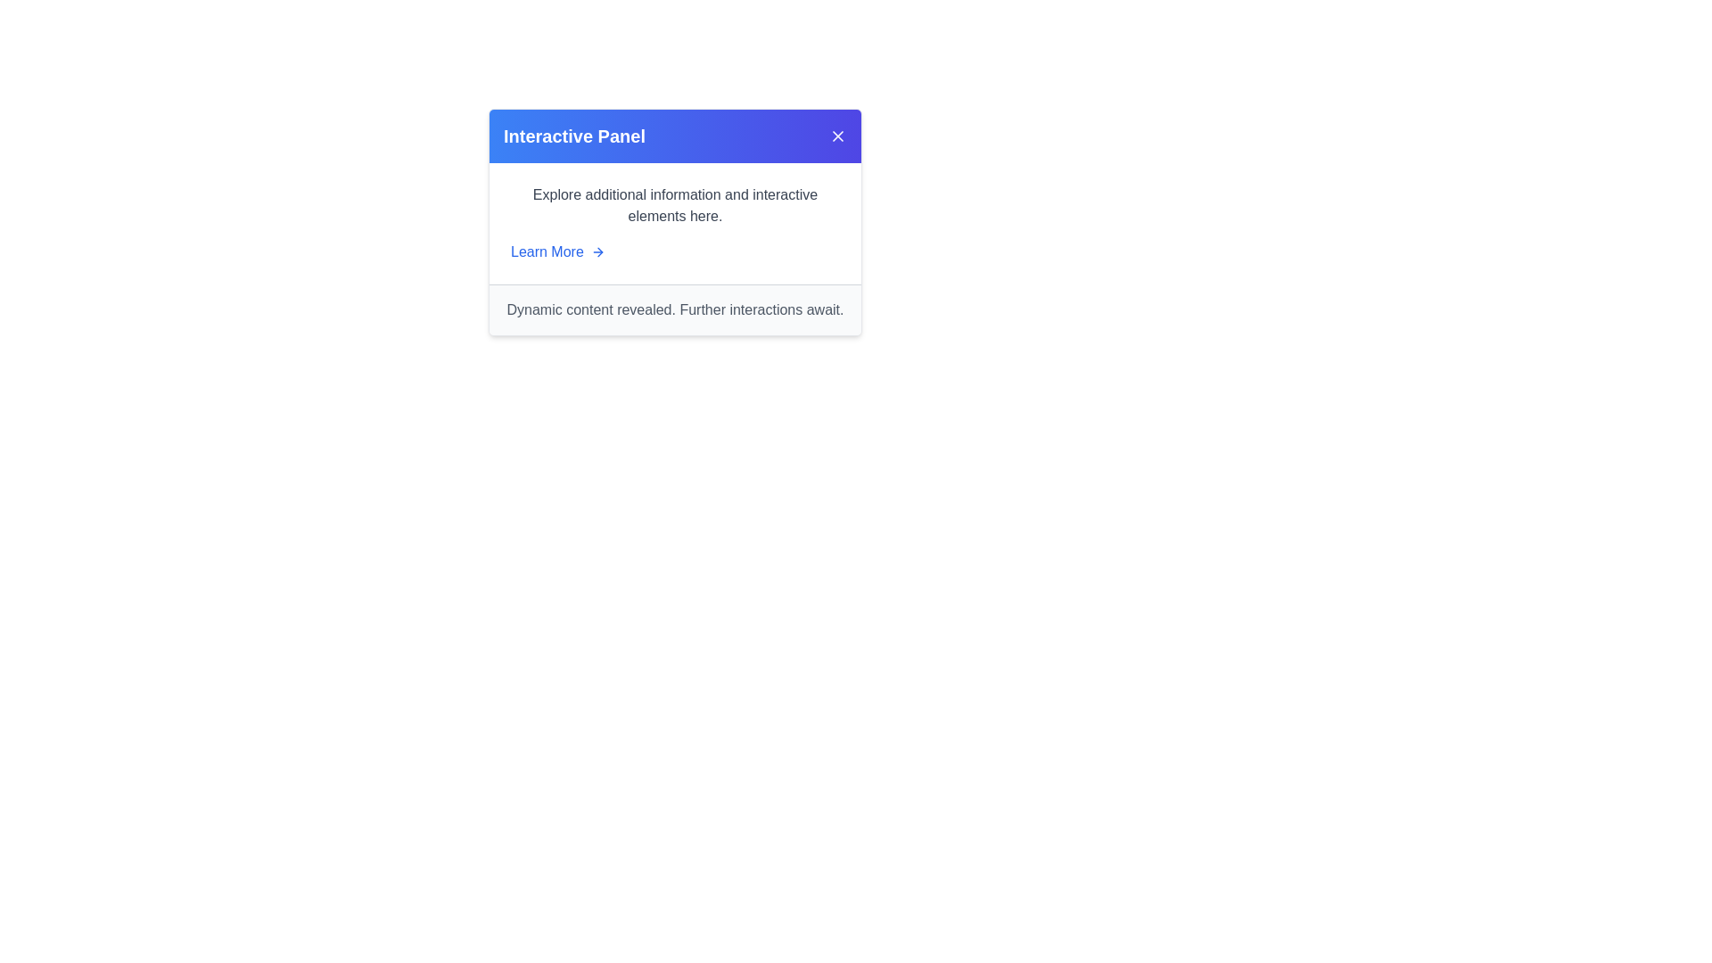  I want to click on the text label displaying 'Interactive Panel', which is styled with bold and large font size and positioned prominently within a gradient background, so click(574, 136).